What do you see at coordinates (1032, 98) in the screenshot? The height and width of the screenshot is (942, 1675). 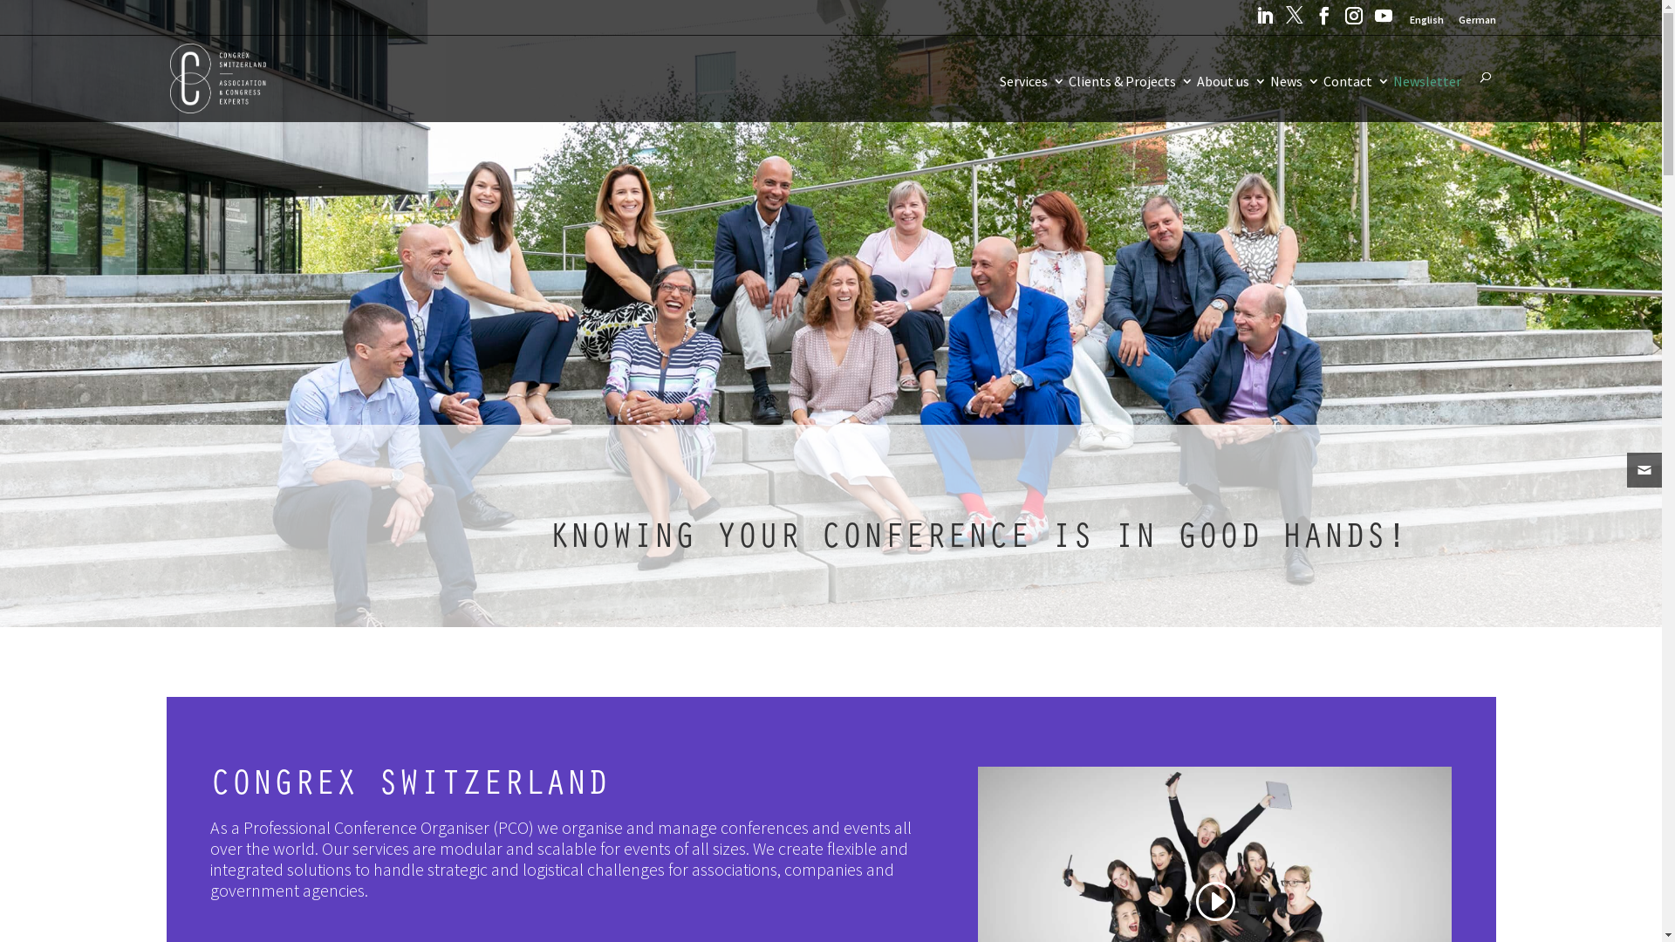 I see `'Services'` at bounding box center [1032, 98].